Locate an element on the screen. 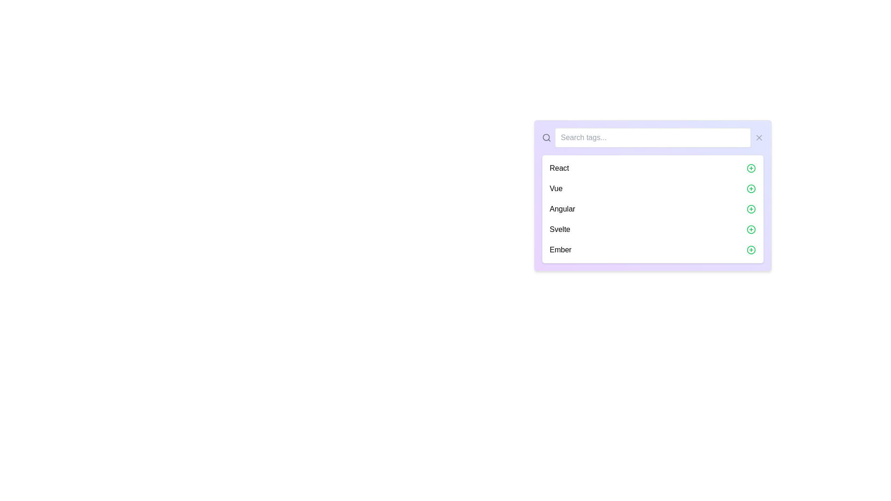 The height and width of the screenshot is (501, 891). the interactive button located to the right of the 'Vue' text label is located at coordinates (751, 188).